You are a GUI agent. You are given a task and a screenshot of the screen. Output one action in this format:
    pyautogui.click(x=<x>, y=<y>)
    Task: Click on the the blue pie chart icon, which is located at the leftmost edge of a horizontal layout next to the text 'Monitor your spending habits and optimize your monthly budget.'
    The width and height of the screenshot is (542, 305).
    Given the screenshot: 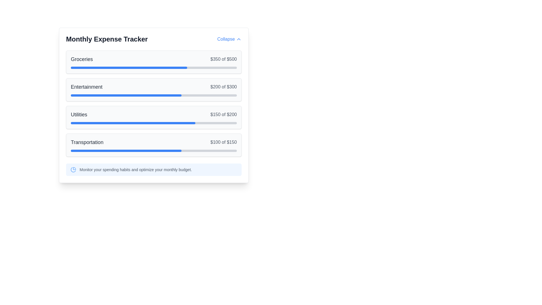 What is the action you would take?
    pyautogui.click(x=73, y=169)
    